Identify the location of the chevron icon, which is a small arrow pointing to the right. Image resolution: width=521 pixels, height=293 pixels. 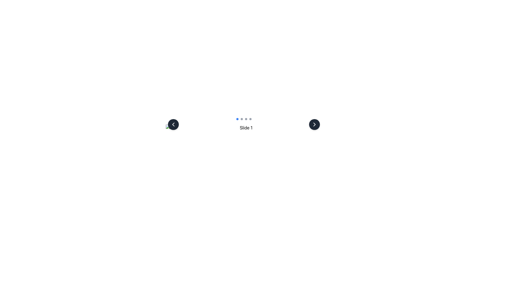
(314, 125).